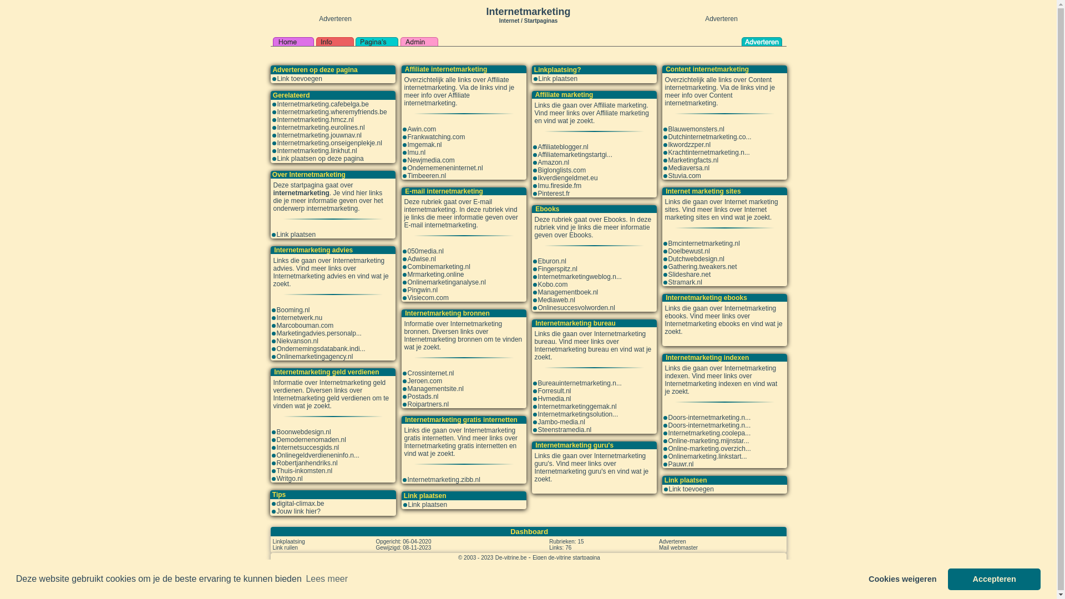 This screenshot has height=599, width=1065. I want to click on 'Ondernemingsdatabank.indi...', so click(319, 348).